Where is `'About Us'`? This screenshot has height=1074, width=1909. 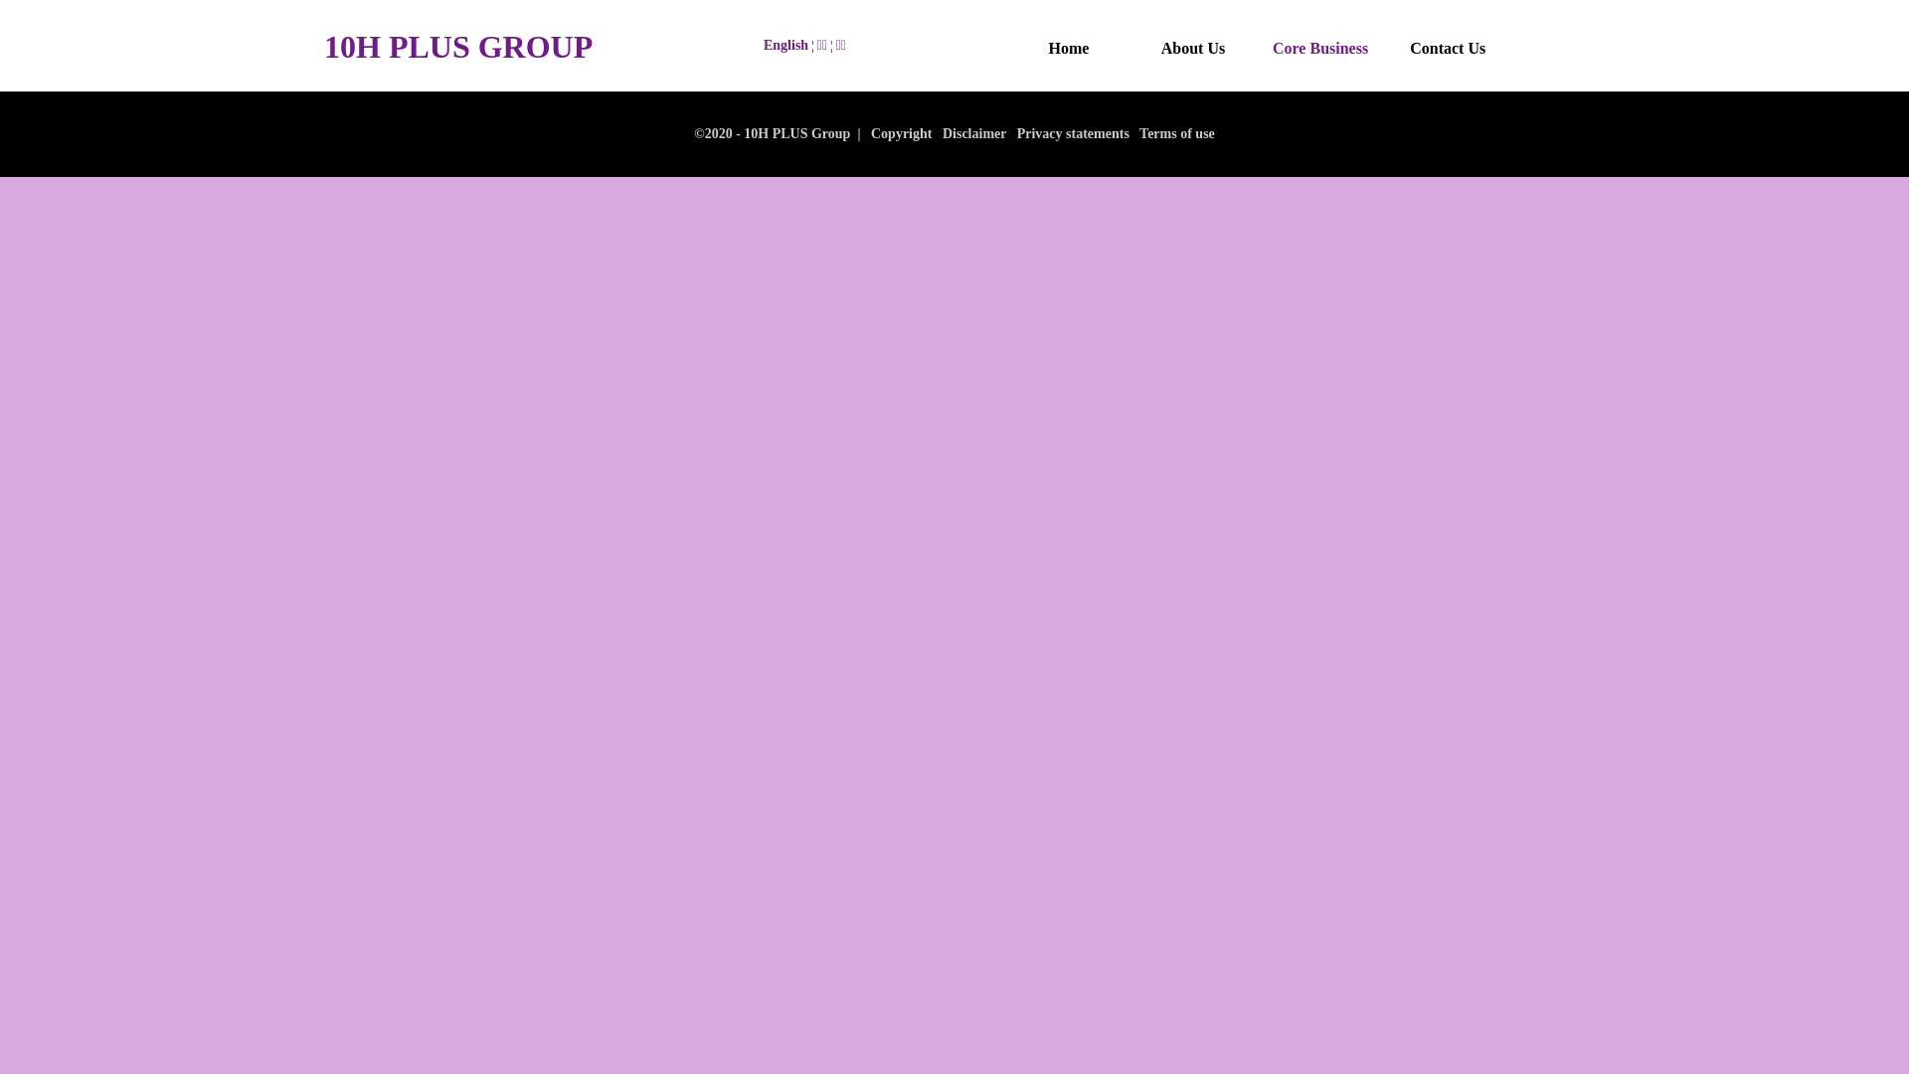 'About Us' is located at coordinates (1193, 48).